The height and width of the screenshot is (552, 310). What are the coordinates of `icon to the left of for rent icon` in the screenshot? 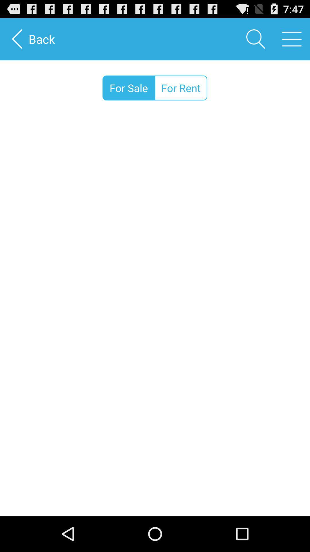 It's located at (128, 88).